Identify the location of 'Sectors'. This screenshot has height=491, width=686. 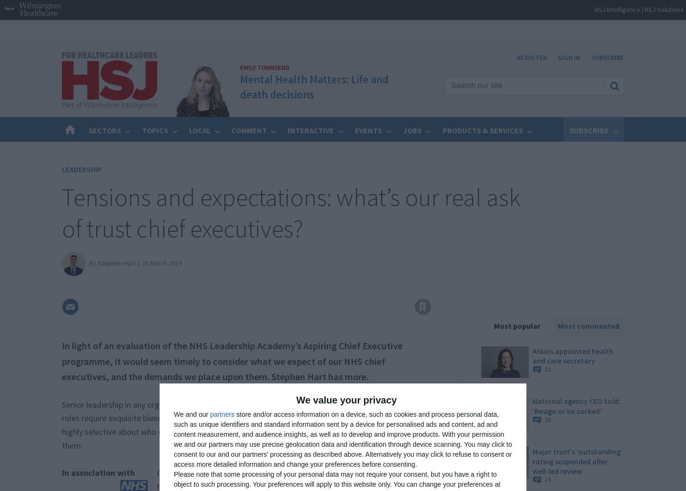
(105, 130).